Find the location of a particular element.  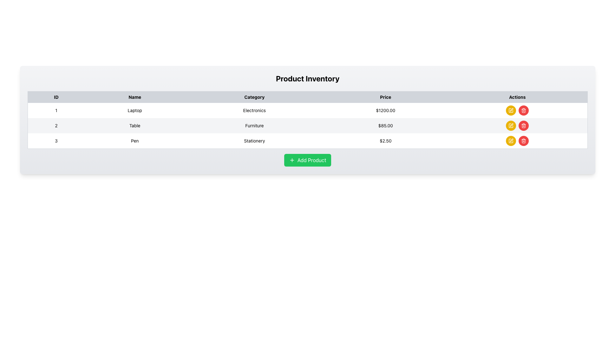

bold, centered header text 'Product Inventory' located at the top of the content card above the product table is located at coordinates (307, 78).